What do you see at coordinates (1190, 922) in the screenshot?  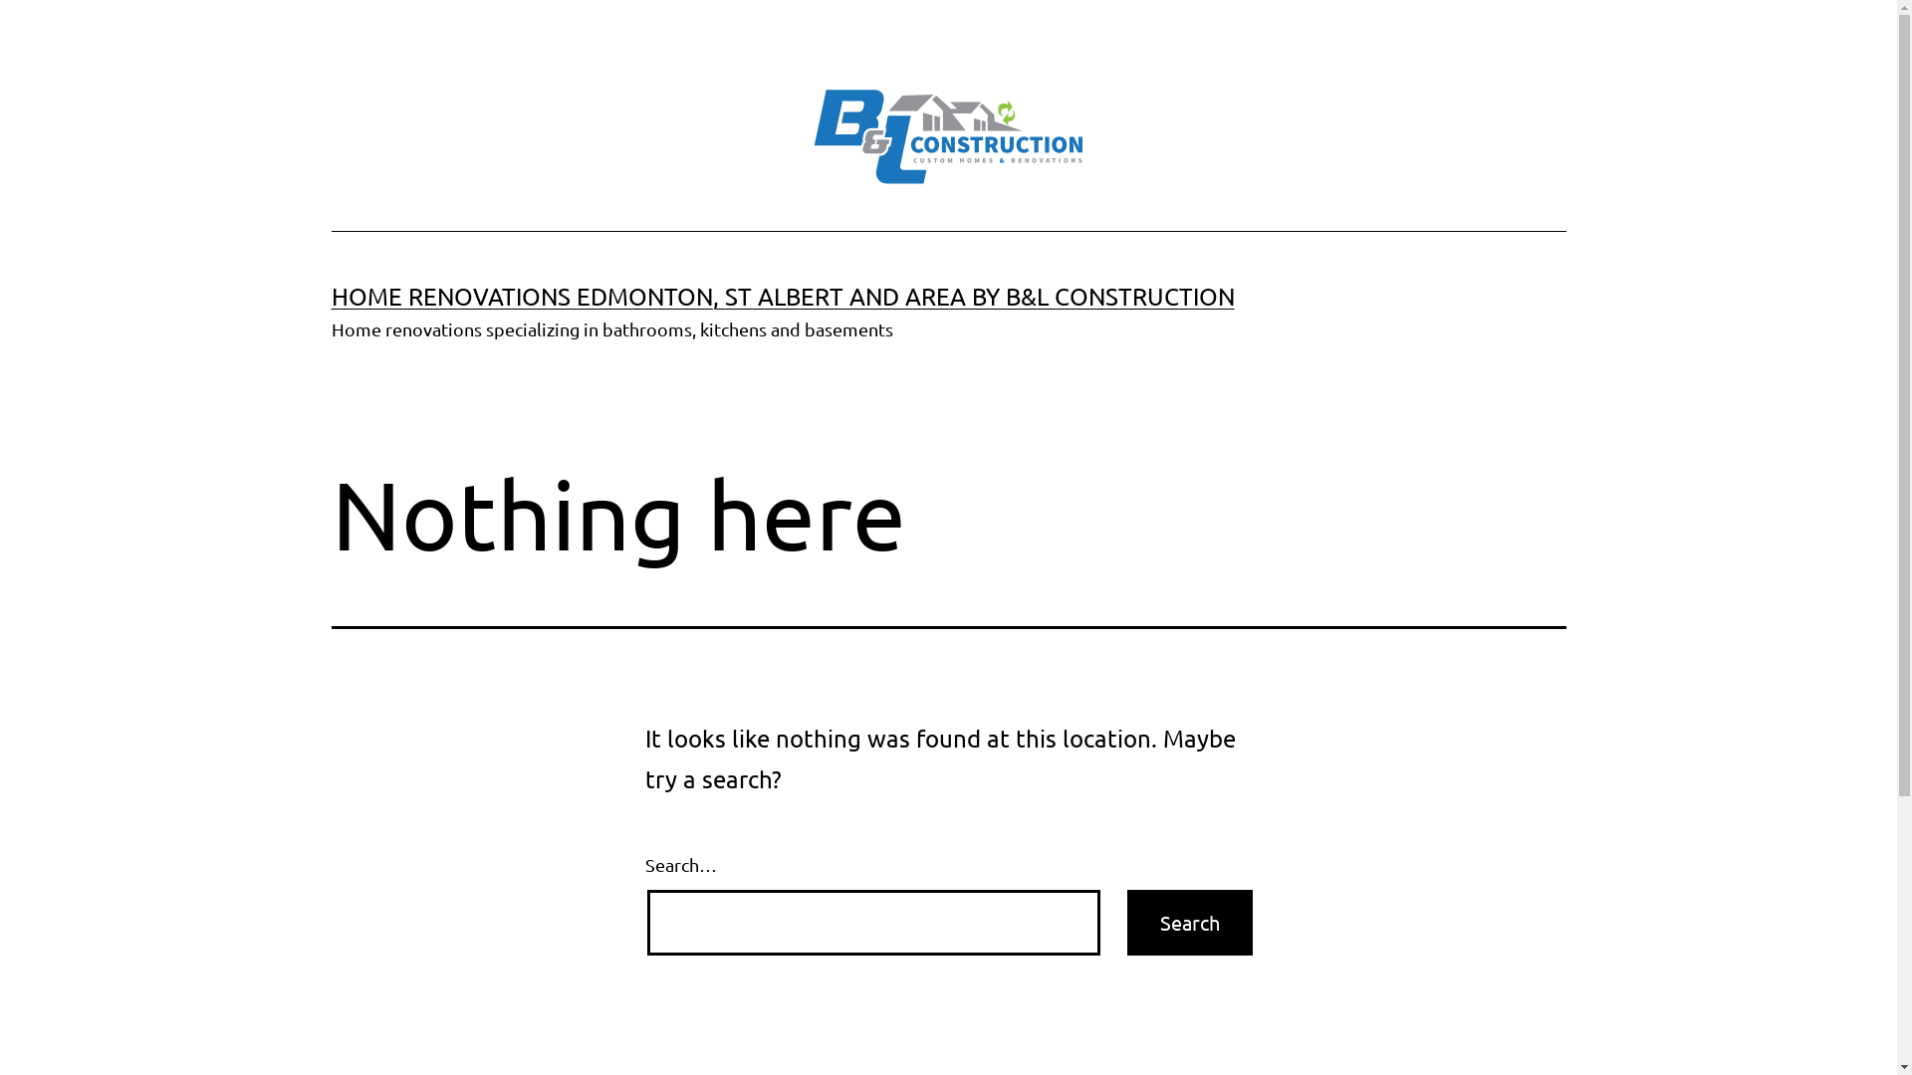 I see `'Search'` at bounding box center [1190, 922].